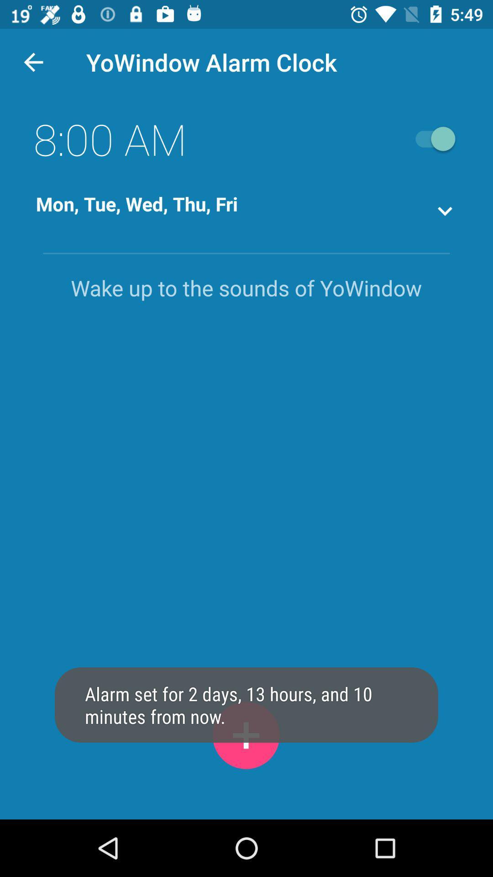 This screenshot has width=493, height=877. I want to click on disable the alarm clock, so click(431, 138).